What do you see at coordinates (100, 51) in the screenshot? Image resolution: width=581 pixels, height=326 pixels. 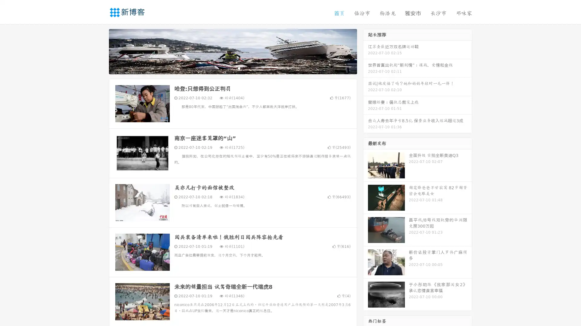 I see `Previous slide` at bounding box center [100, 51].